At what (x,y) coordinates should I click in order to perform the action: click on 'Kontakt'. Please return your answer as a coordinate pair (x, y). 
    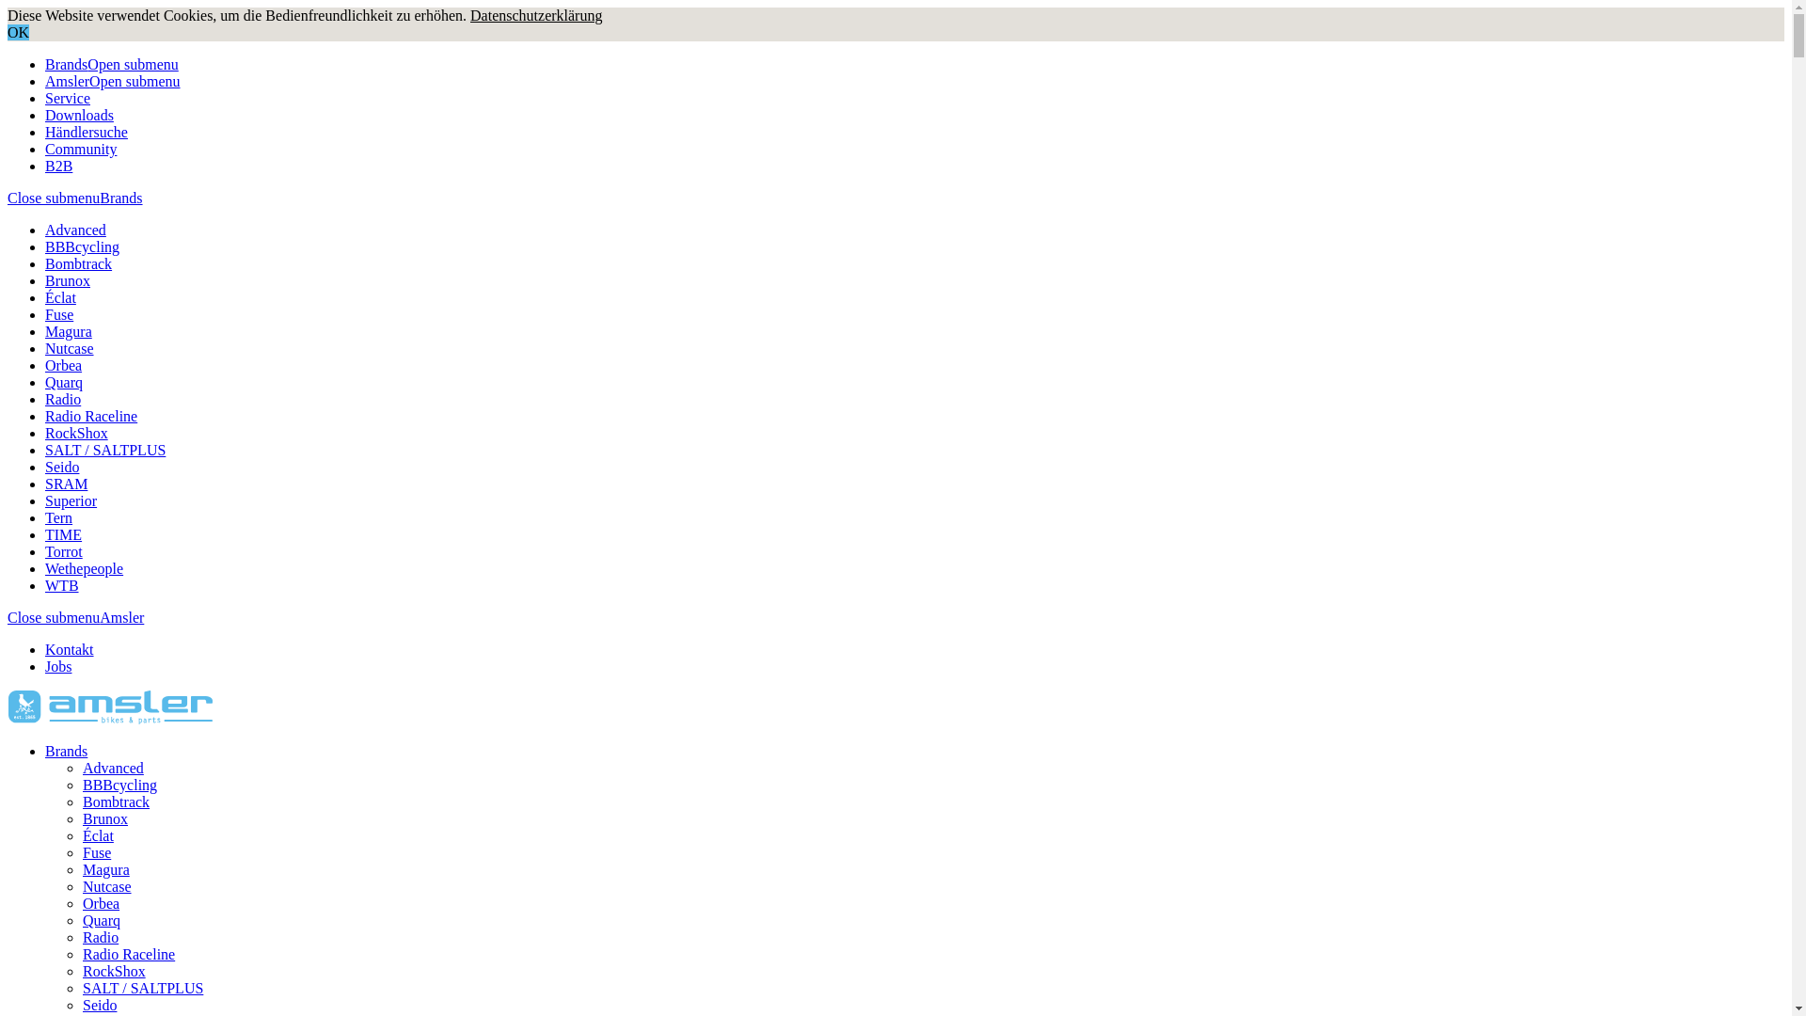
    Looking at the image, I should click on (69, 648).